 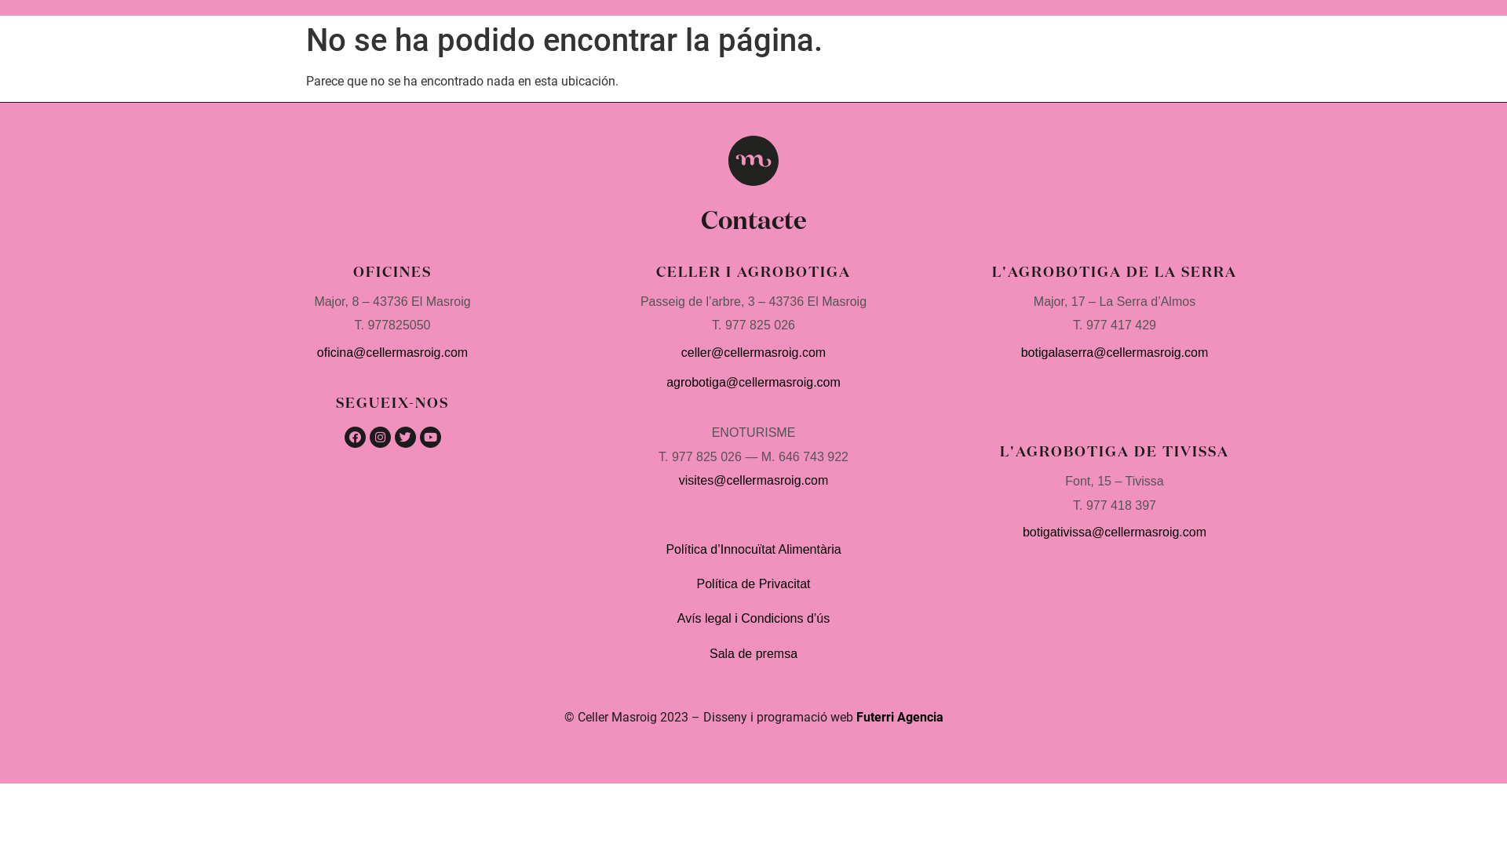 What do you see at coordinates (753, 479) in the screenshot?
I see `'visites@cellermasroig.com'` at bounding box center [753, 479].